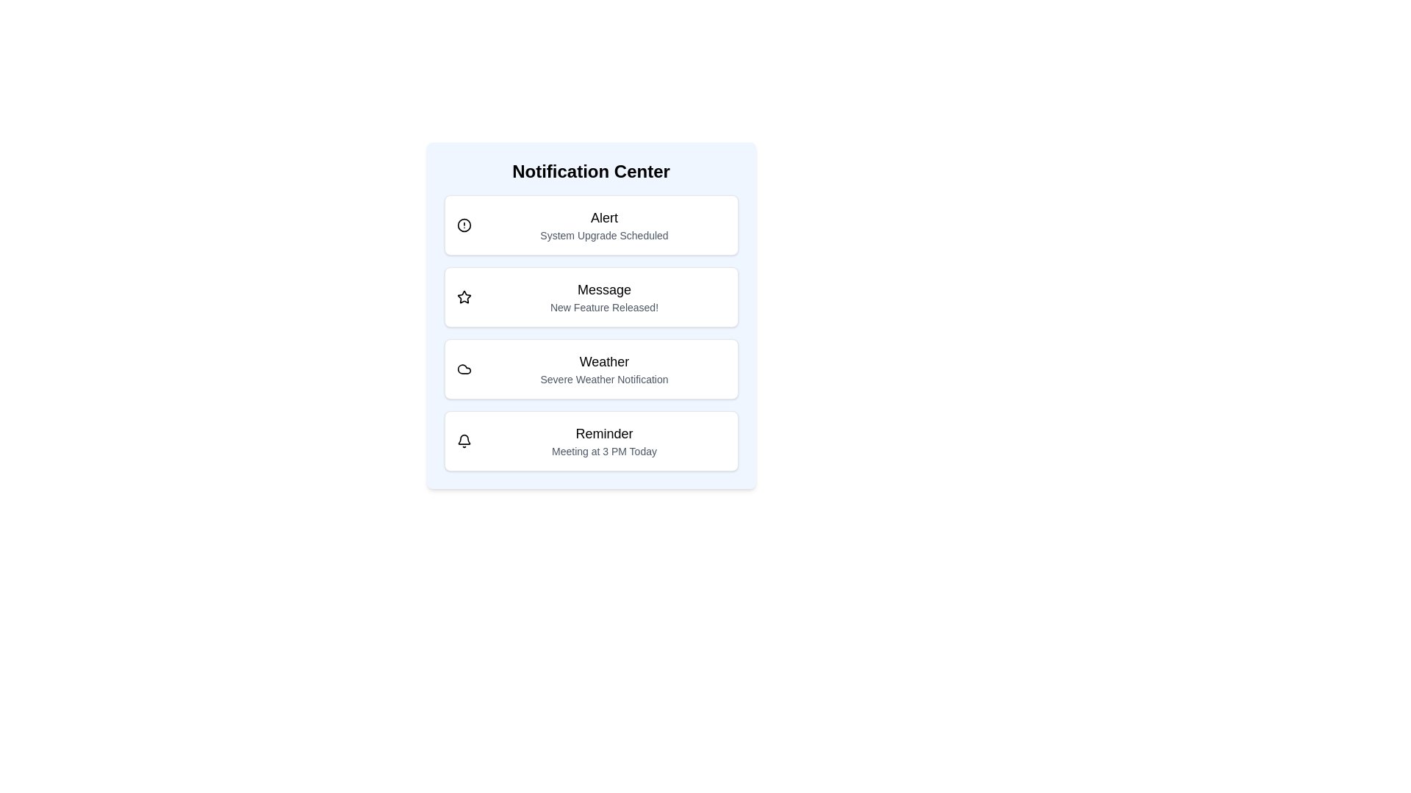 The image size is (1411, 793). What do you see at coordinates (591, 441) in the screenshot?
I see `the notification item labeled 'Reminder'` at bounding box center [591, 441].